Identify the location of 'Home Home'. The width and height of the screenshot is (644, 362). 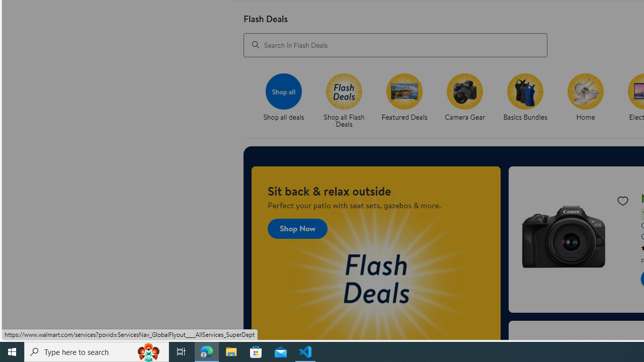
(586, 98).